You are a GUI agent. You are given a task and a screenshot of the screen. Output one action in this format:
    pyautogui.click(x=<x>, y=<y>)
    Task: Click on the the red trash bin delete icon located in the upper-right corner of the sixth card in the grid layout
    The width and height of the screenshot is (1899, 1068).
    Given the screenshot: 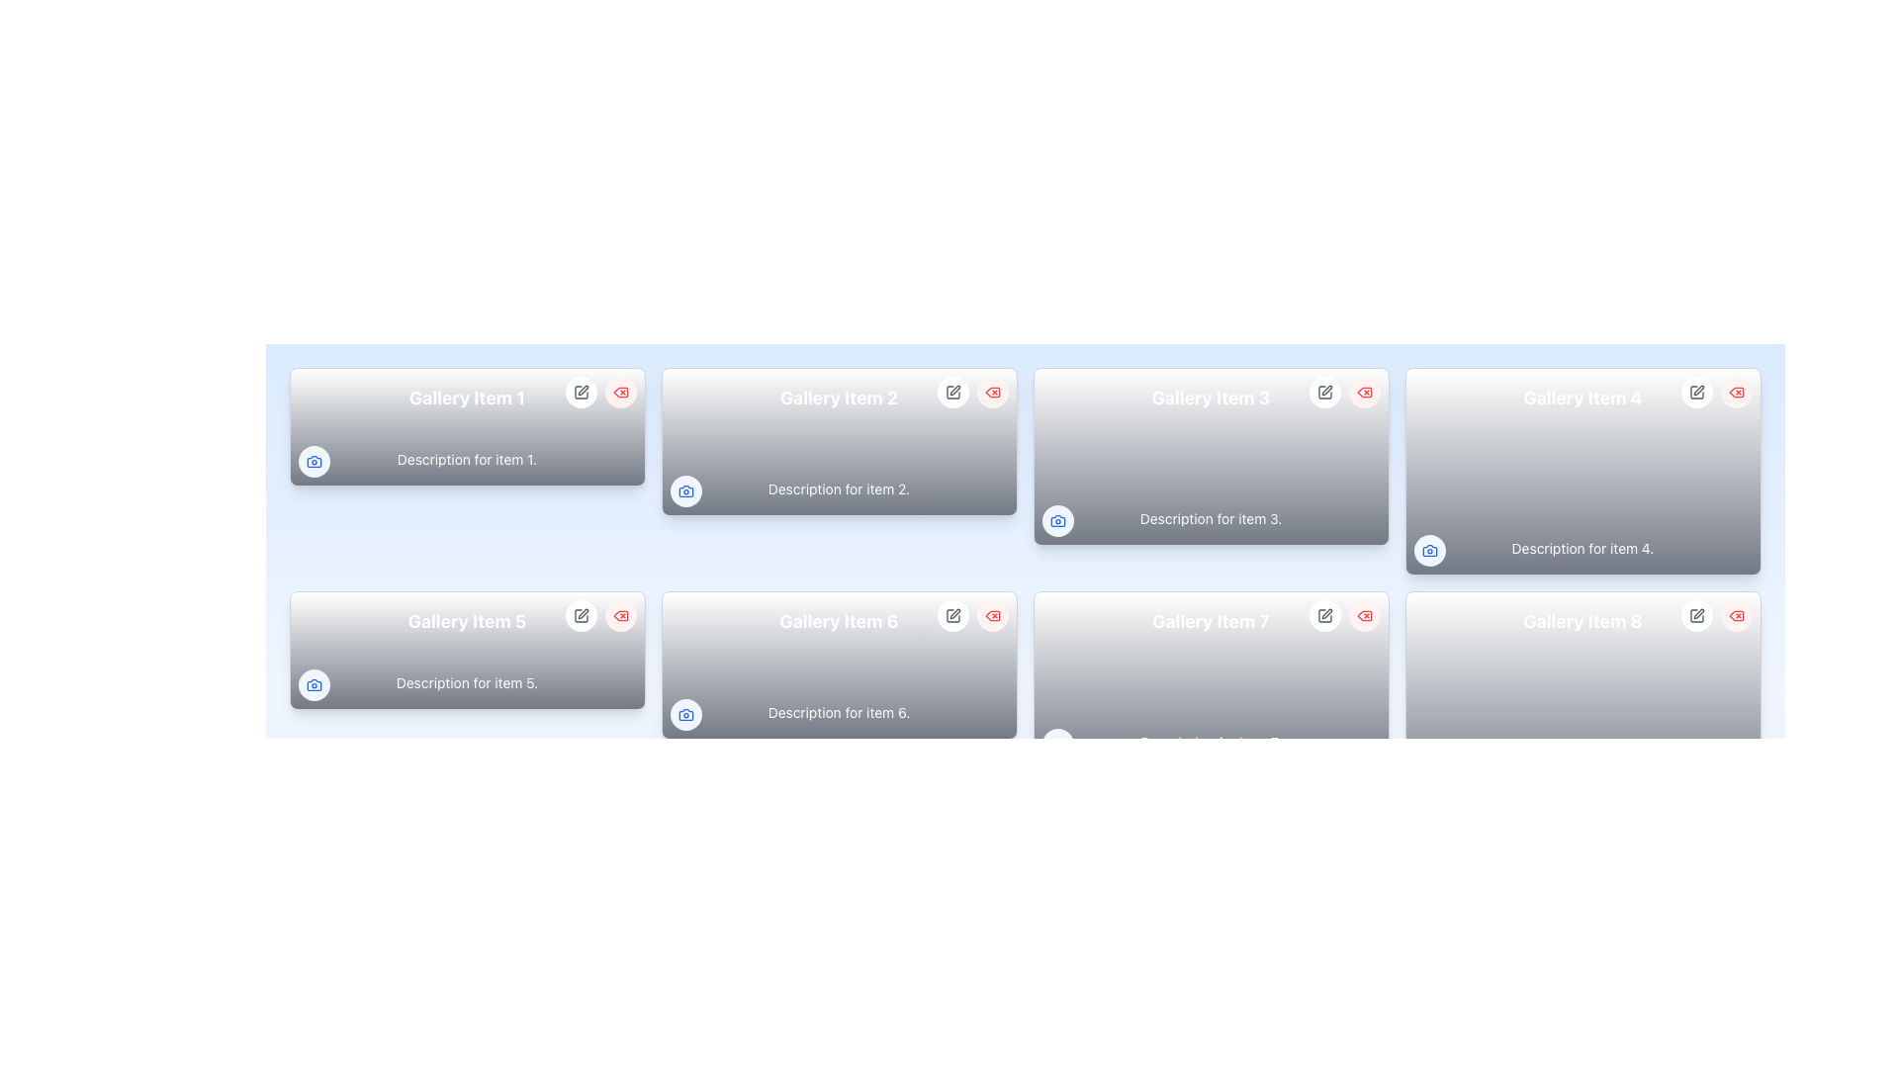 What is the action you would take?
    pyautogui.click(x=992, y=615)
    